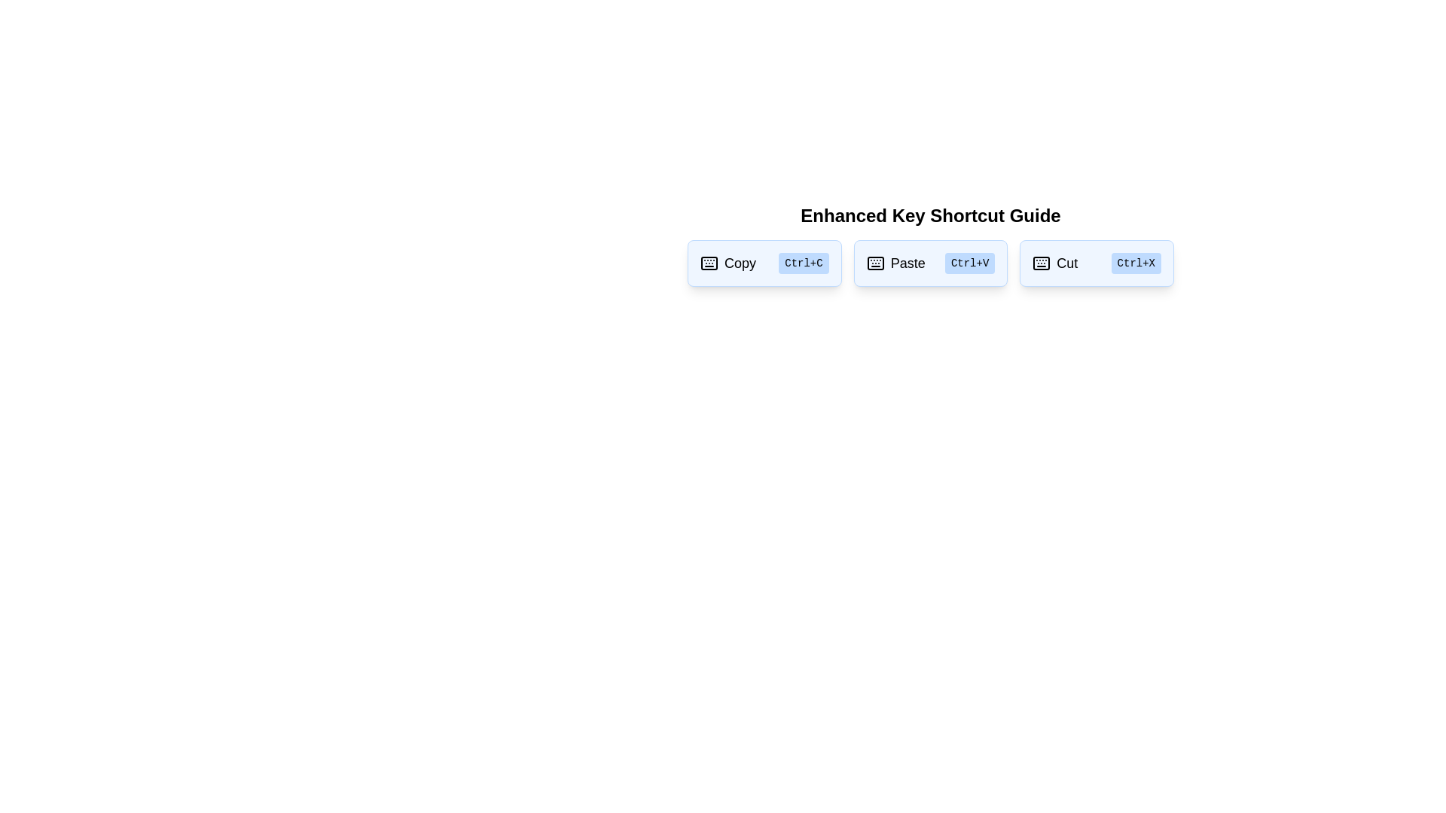 The image size is (1446, 813). What do you see at coordinates (740, 263) in the screenshot?
I see `'Copy' text label, which is styled with a medium-sized bold font and located next to a keyboard icon in a horizontally aligned row` at bounding box center [740, 263].